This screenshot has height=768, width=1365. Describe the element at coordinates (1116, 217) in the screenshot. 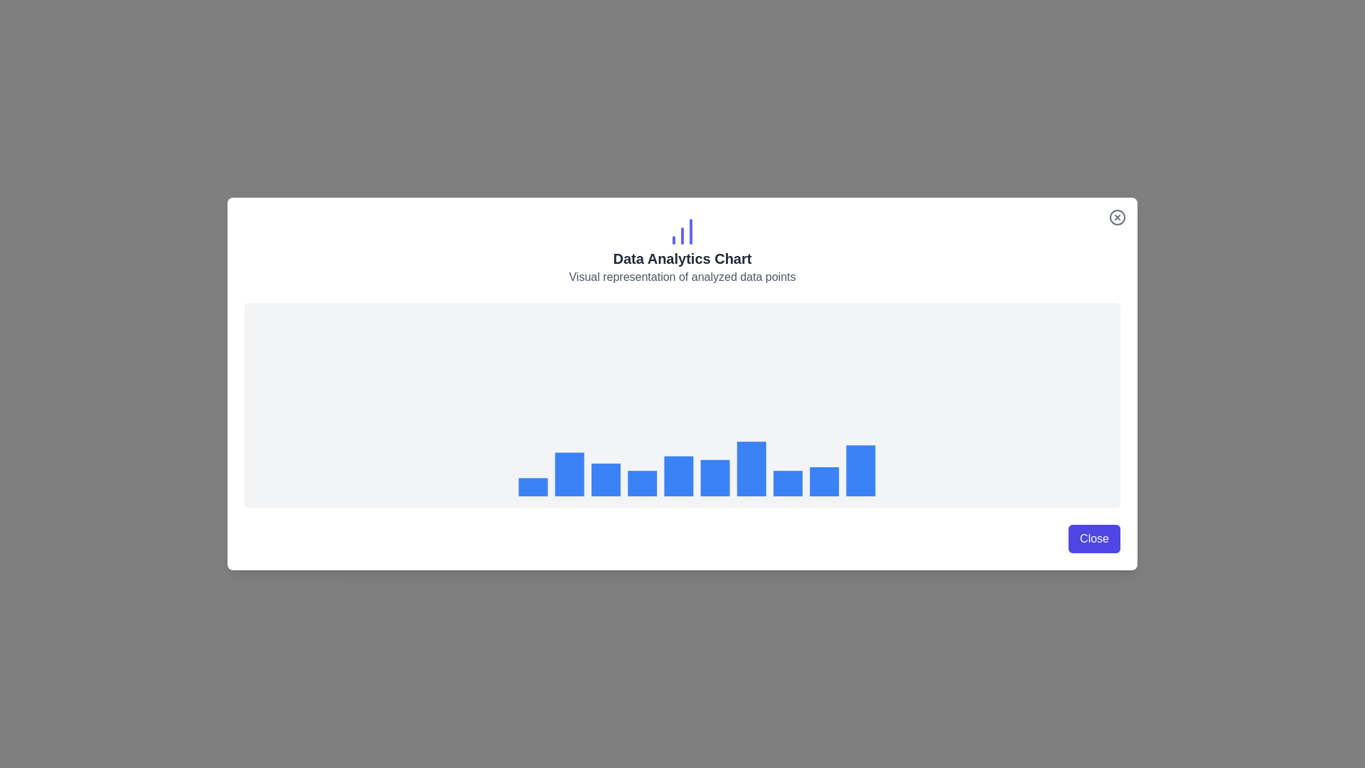

I see `the close button located at the top right corner of the dialog` at that location.